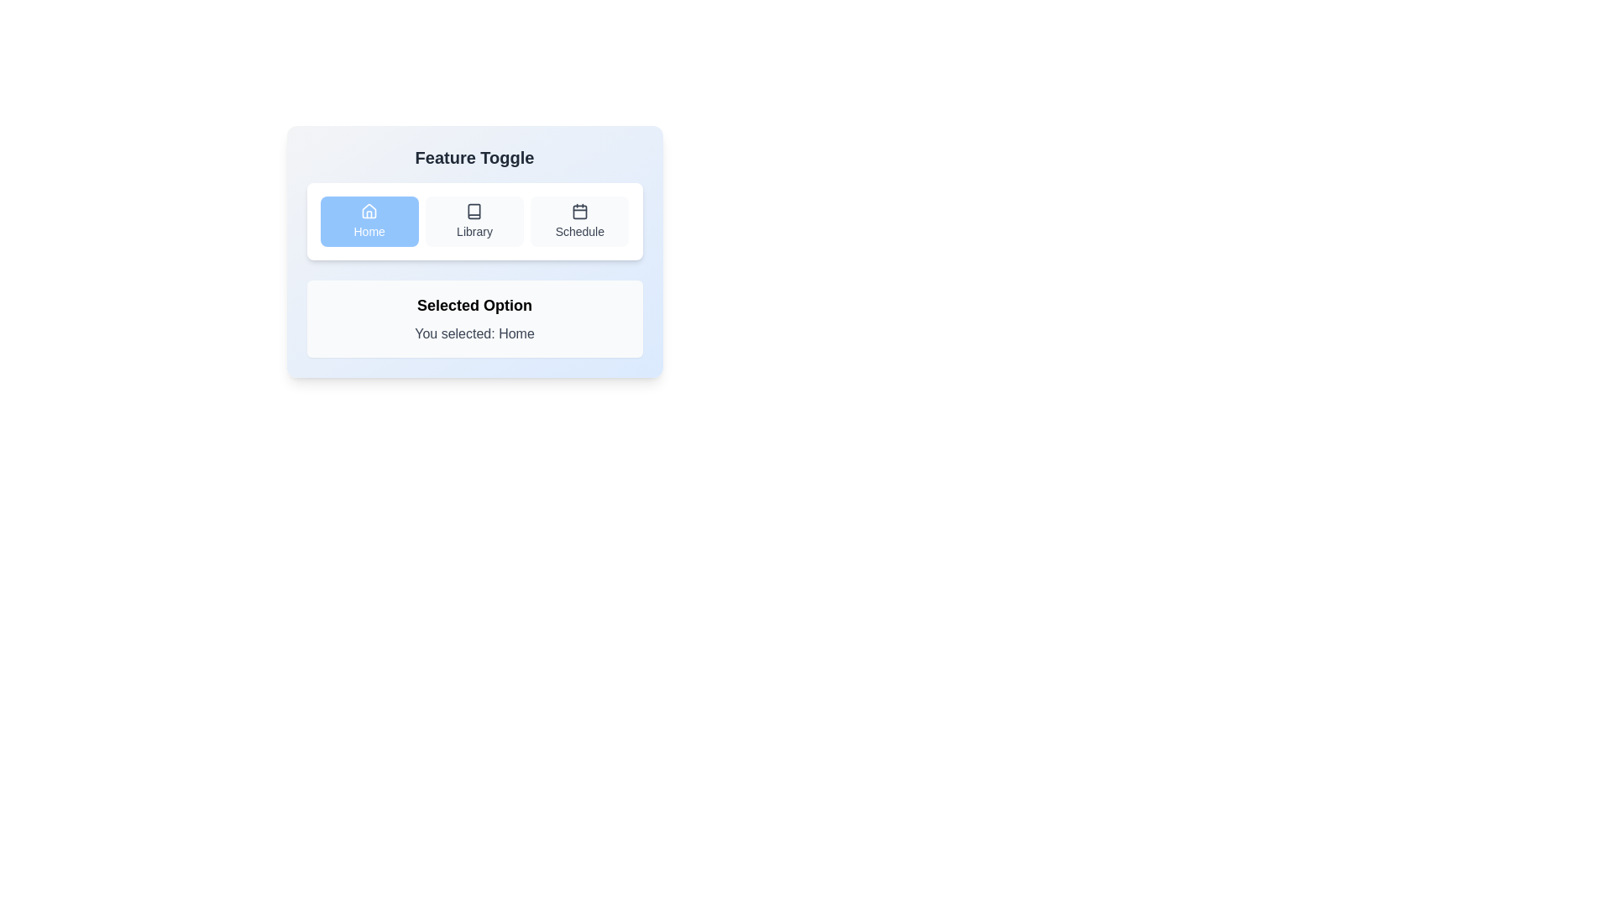  Describe the element at coordinates (579, 211) in the screenshot. I see `the rectangle with rounded corners within the calendar icon of the 'Schedule' toggle button, which is the third button in the 'Feature Toggle' section` at that location.